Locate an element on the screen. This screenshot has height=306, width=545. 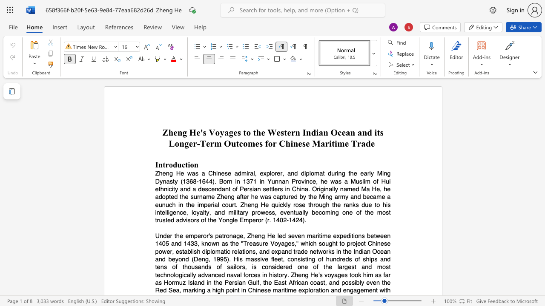
the subset text "y ev" within the text "possibly even" is located at coordinates (361, 283).